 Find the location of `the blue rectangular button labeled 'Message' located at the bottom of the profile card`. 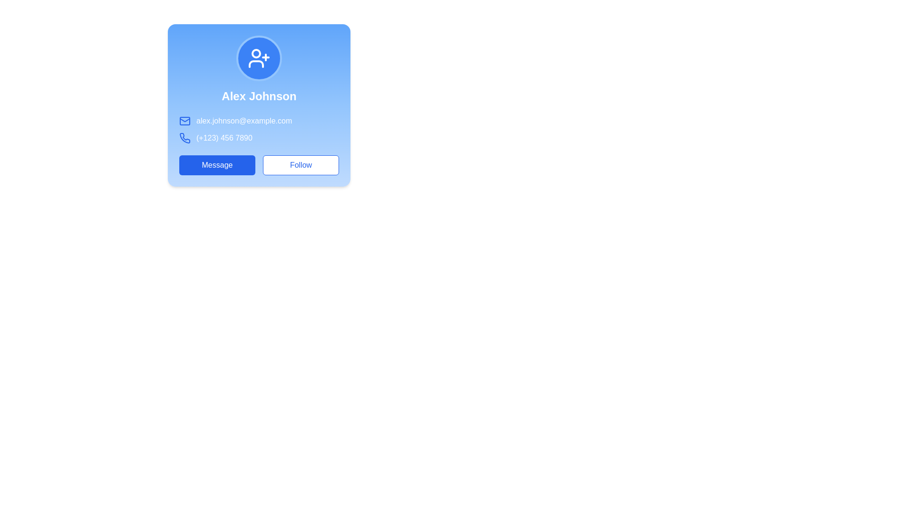

the blue rectangular button labeled 'Message' located at the bottom of the profile card is located at coordinates (216, 164).